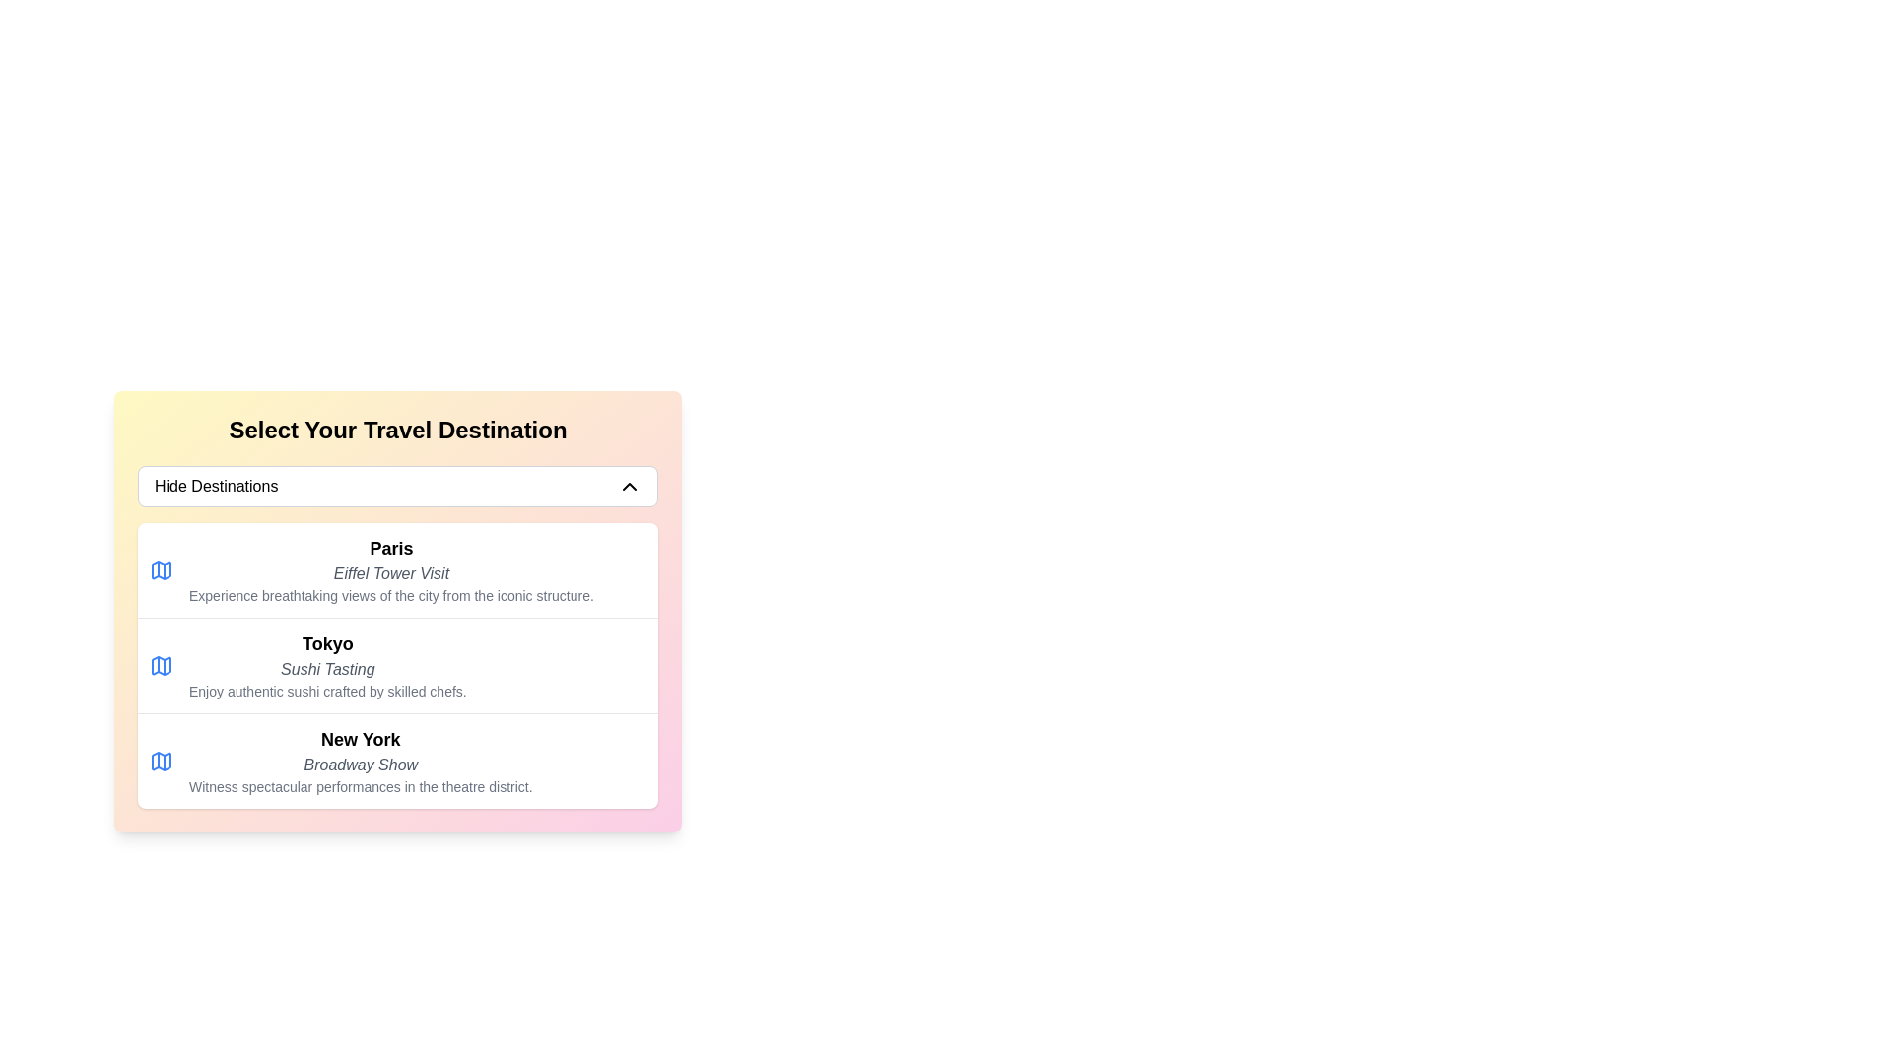  I want to click on the map icon element styled with a blue outline, which is located on the left side of the row associated with 'Tokyo Sushi Tasting', so click(161, 665).